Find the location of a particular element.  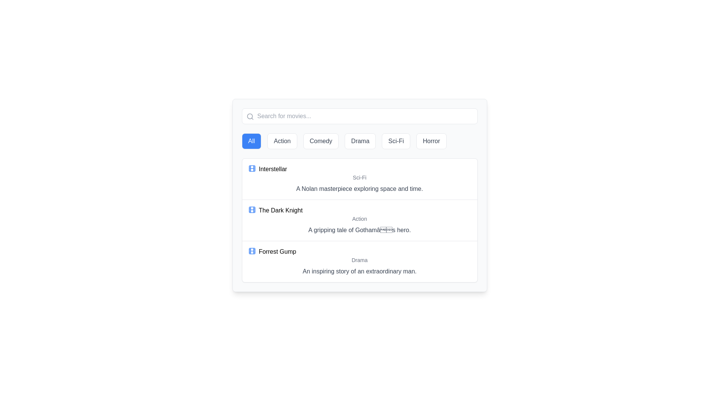

the text label displaying 'The Dark Knight', which is part of a vertical list of movie titles and located to the right of a blue film roll icon is located at coordinates (280, 210).